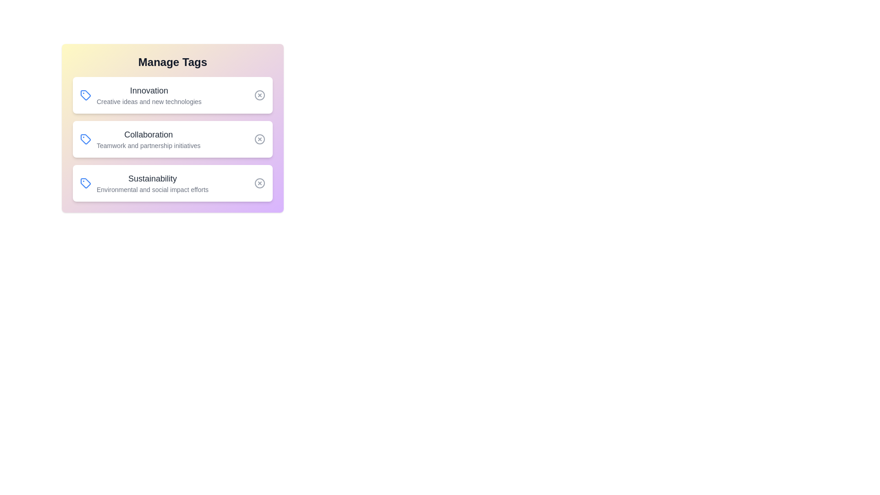  Describe the element at coordinates (259, 139) in the screenshot. I see `the 'Remove' button for the tag 'Collaboration'` at that location.